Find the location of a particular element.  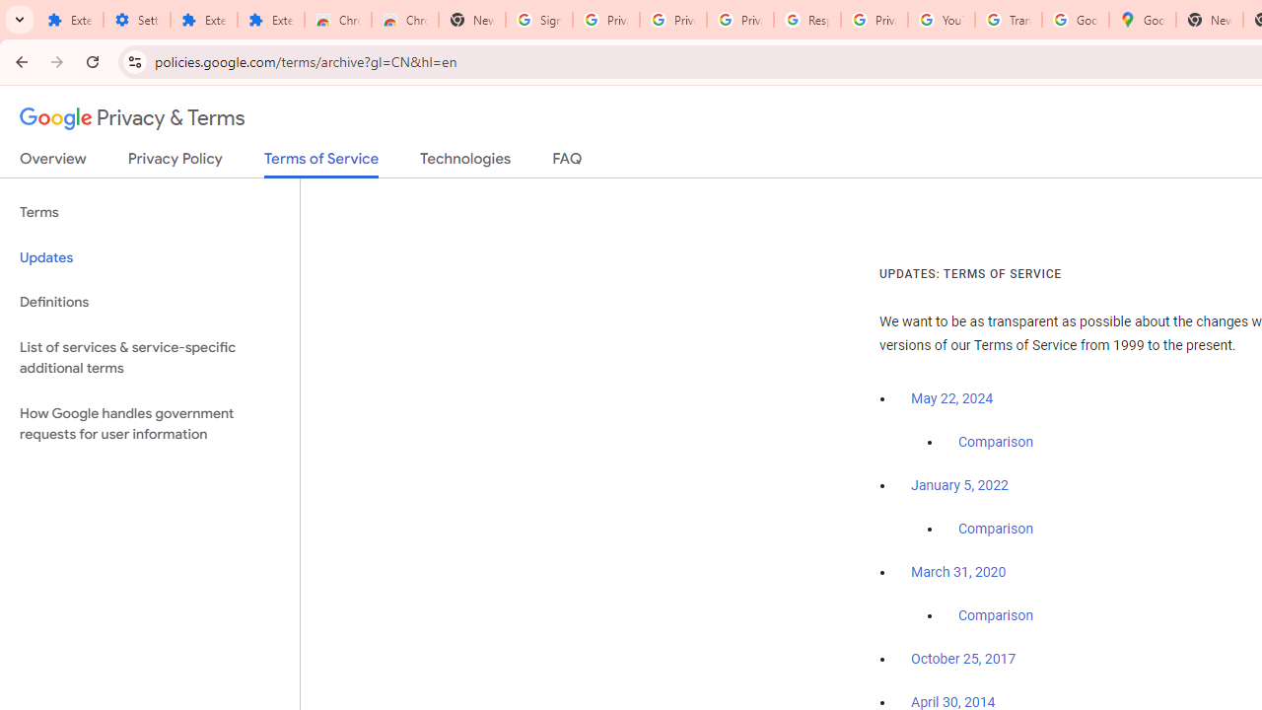

'FAQ' is located at coordinates (567, 162).